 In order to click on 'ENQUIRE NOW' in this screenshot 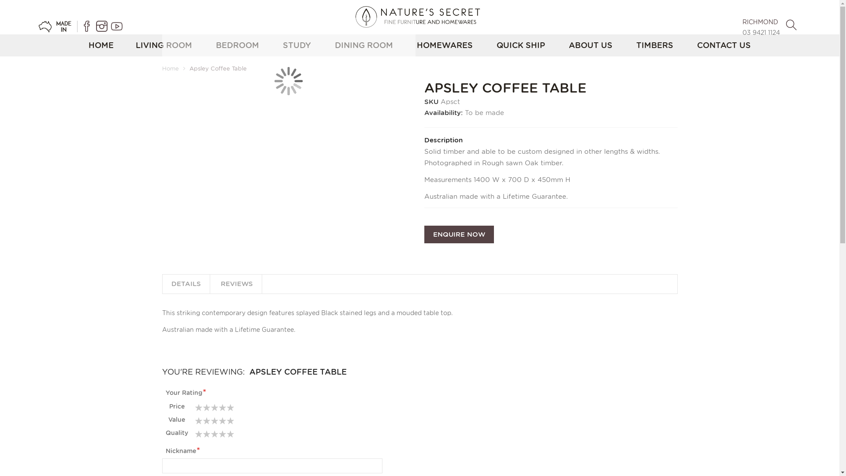, I will do `click(458, 234)`.